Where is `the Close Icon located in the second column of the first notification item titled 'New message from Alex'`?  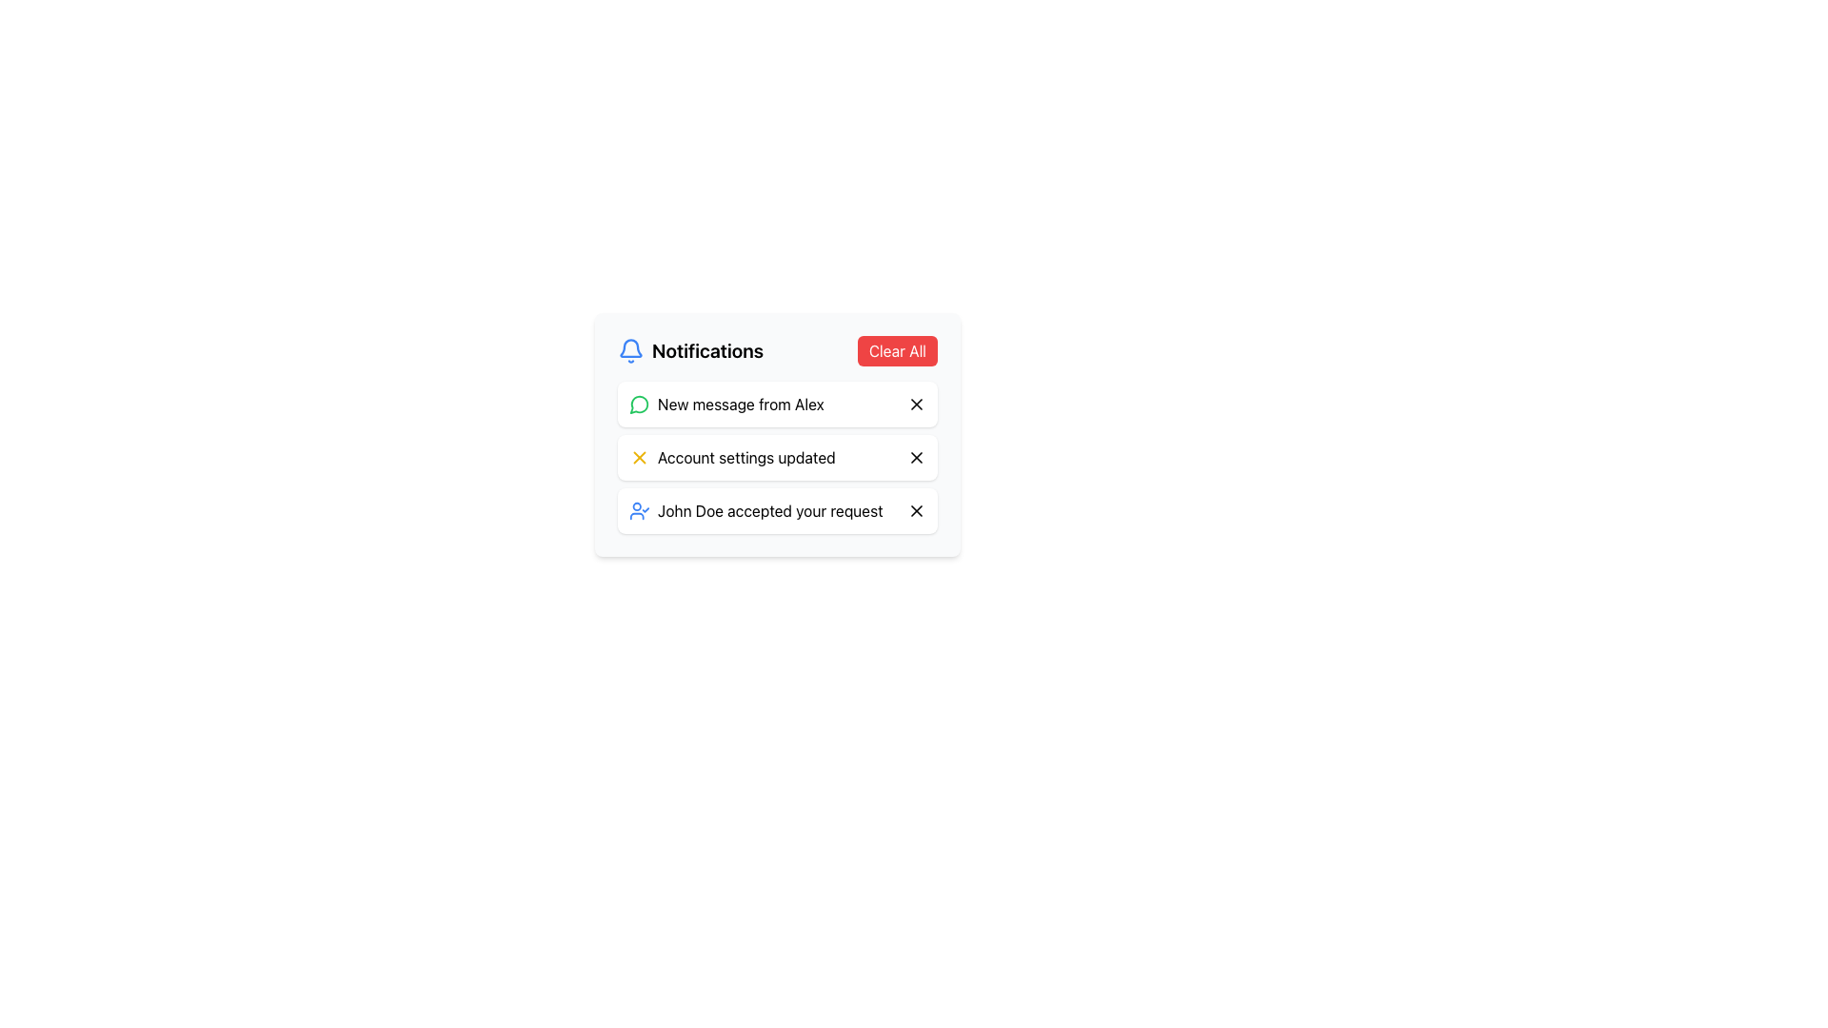
the Close Icon located in the second column of the first notification item titled 'New message from Alex' is located at coordinates (917, 403).